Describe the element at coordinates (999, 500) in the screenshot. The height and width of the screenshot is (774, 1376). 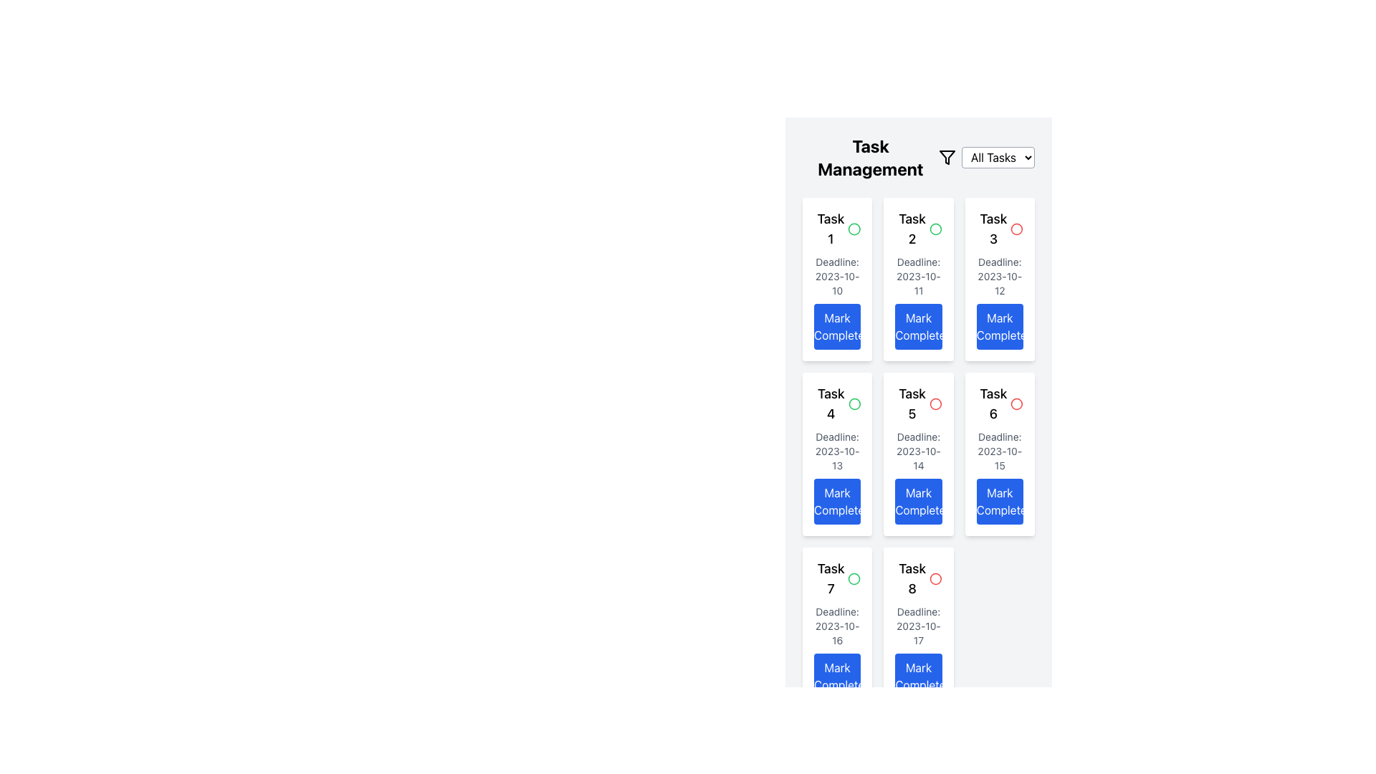
I see `the 'Mark Completed' button located at the bottom of the 'Task 6' card to mark the task as completed` at that location.